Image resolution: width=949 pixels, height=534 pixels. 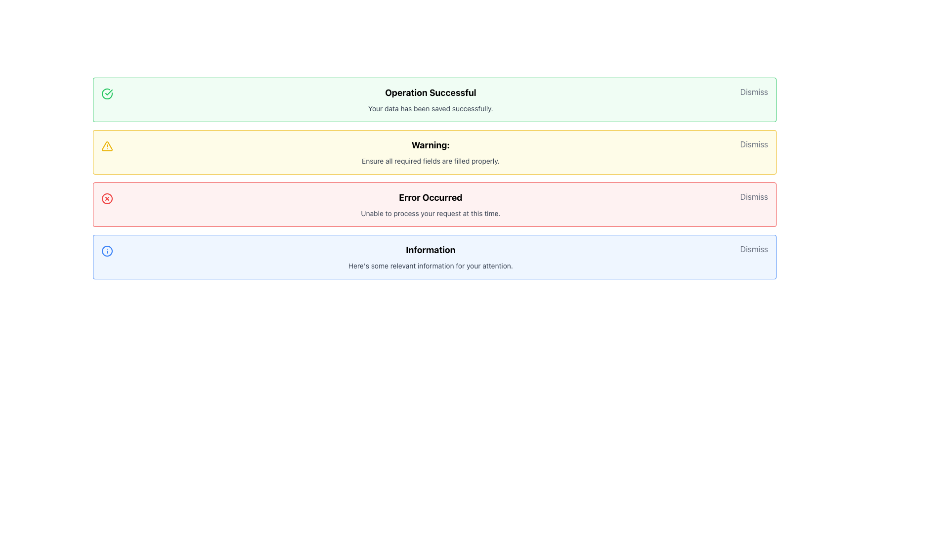 What do you see at coordinates (431, 152) in the screenshot?
I see `warning message displayed in the text display located within the second notification panel, which instructs users to ensure all required fields are properly filled` at bounding box center [431, 152].